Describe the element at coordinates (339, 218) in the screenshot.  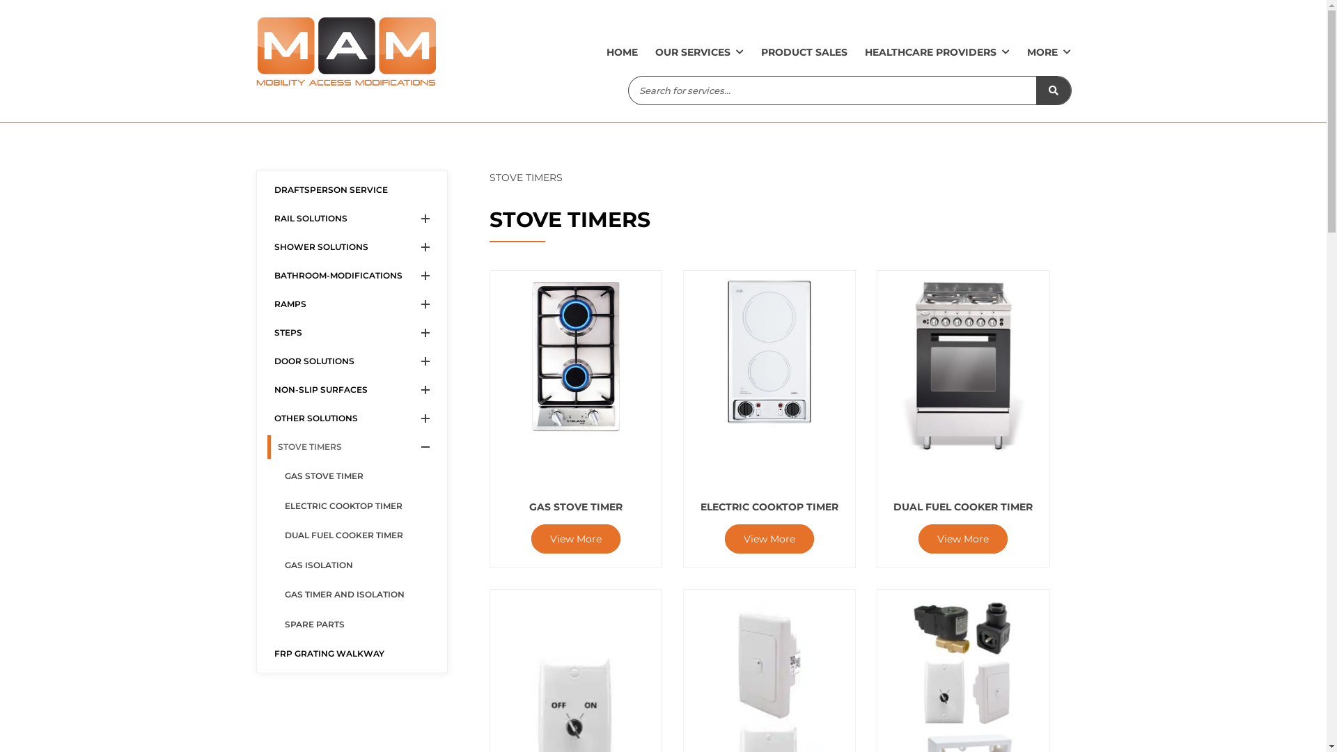
I see `'RAIL SOLUTIONS'` at that location.